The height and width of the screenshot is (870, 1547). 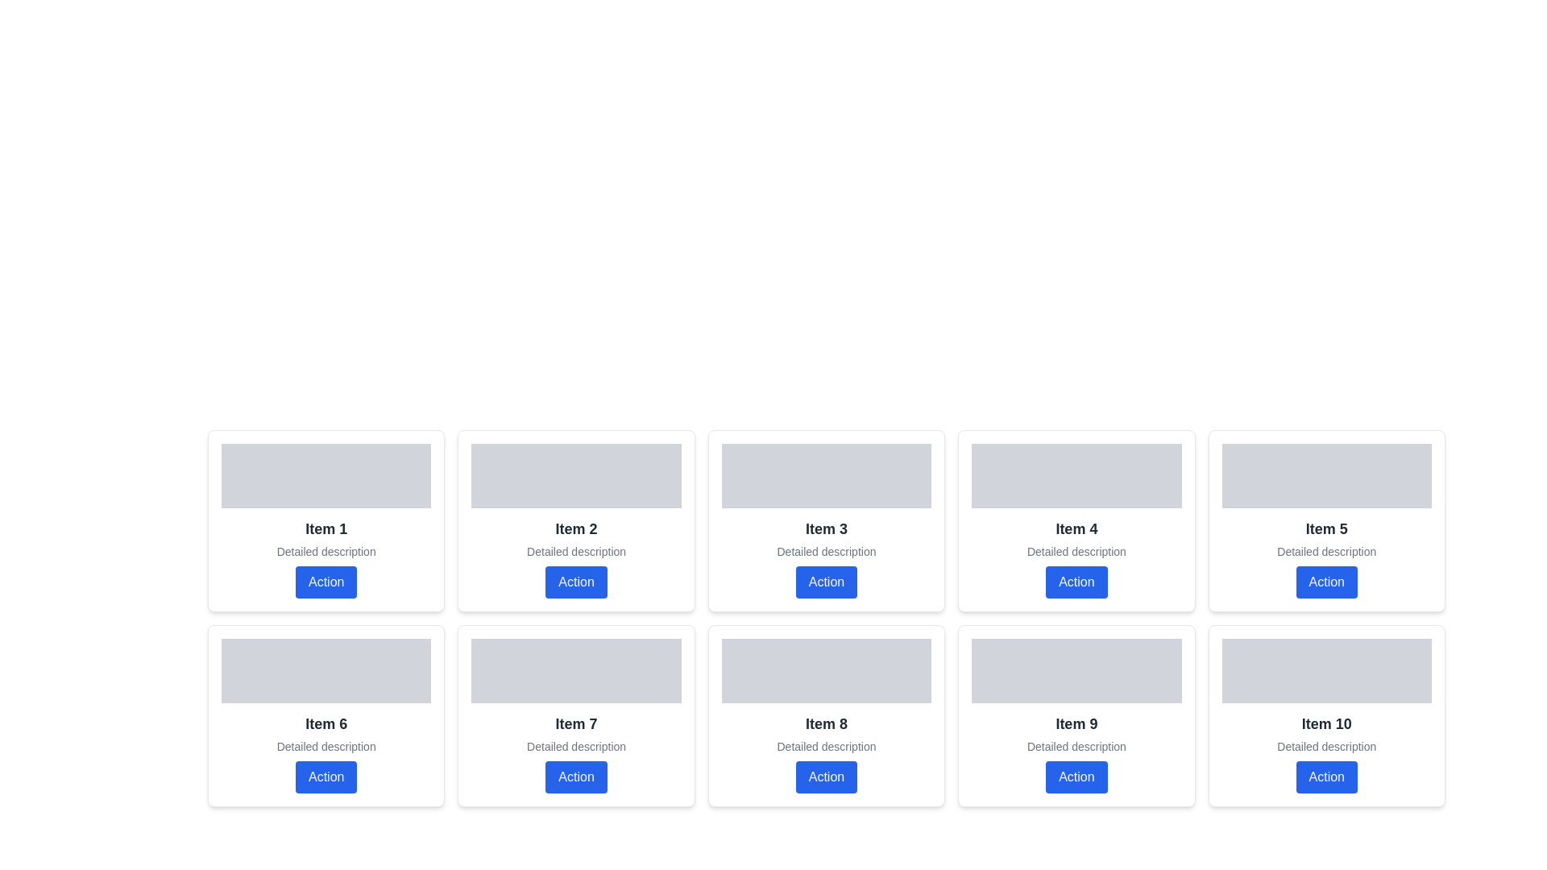 What do you see at coordinates (576, 582) in the screenshot?
I see `the rectangular button labeled 'Action' located at the bottom of the 'Item 2' card` at bounding box center [576, 582].